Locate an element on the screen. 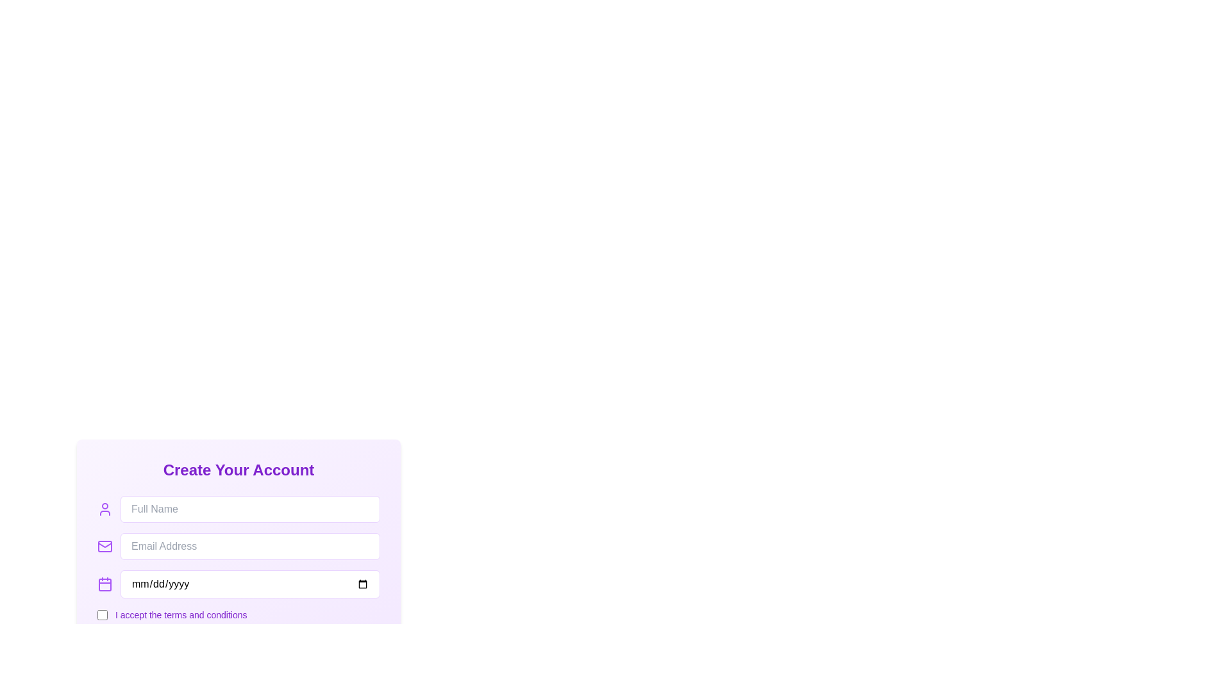 This screenshot has width=1231, height=692. the calendar icon located to the left of the 'Birth Date' input field is located at coordinates (105, 584).